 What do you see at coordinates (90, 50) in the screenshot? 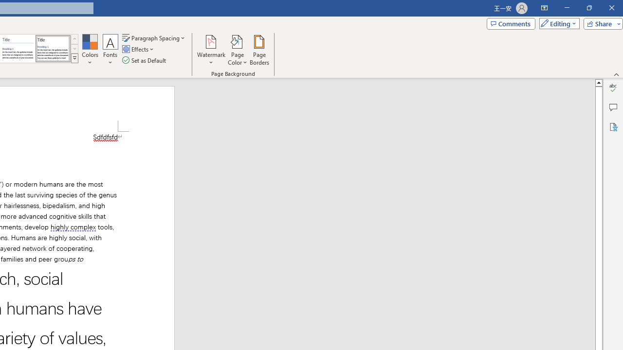
I see `'Colors'` at bounding box center [90, 50].